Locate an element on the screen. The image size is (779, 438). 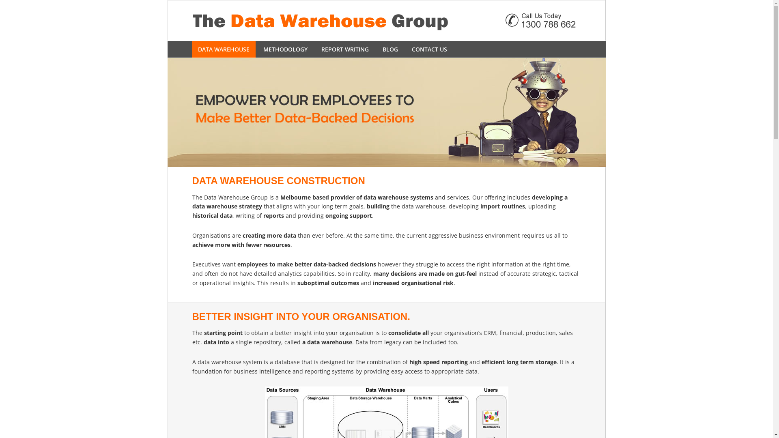
'METHODOLOGY' is located at coordinates (285, 49).